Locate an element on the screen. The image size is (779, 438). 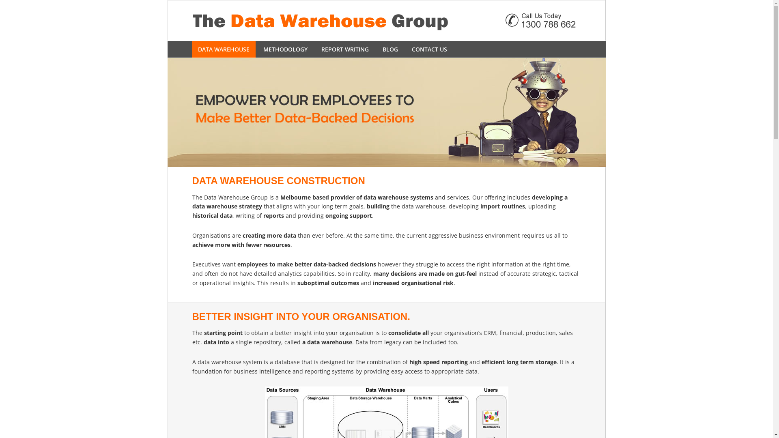
'METHODOLOGY' is located at coordinates (285, 49).